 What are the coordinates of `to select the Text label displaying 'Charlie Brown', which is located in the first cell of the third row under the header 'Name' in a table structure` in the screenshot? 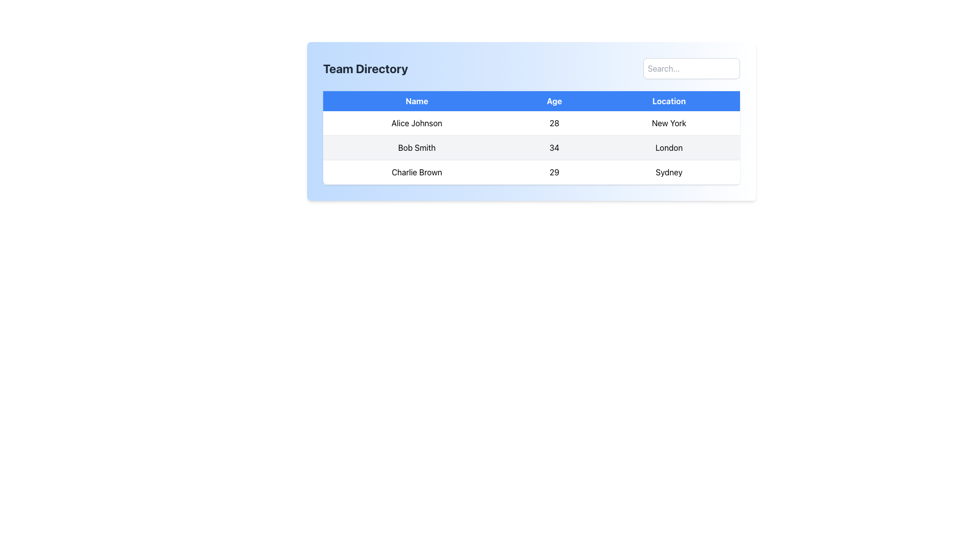 It's located at (416, 171).